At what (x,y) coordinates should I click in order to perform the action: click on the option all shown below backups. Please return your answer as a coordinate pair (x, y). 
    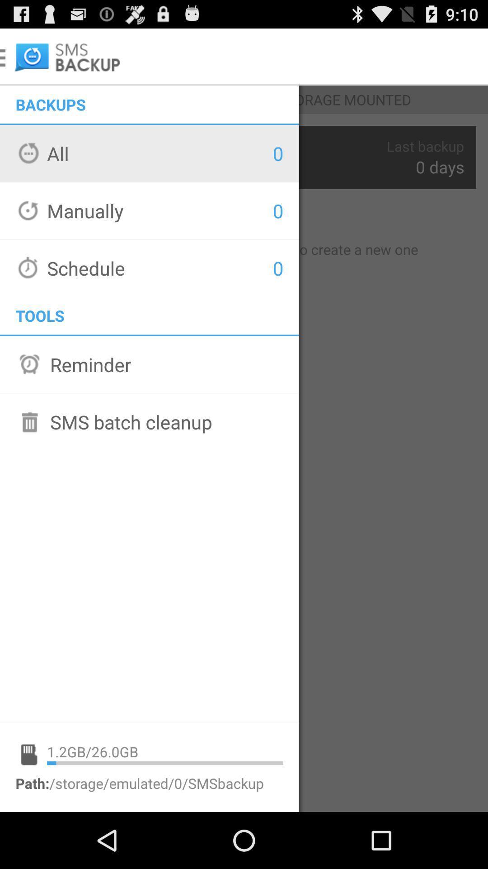
    Looking at the image, I should click on (53, 158).